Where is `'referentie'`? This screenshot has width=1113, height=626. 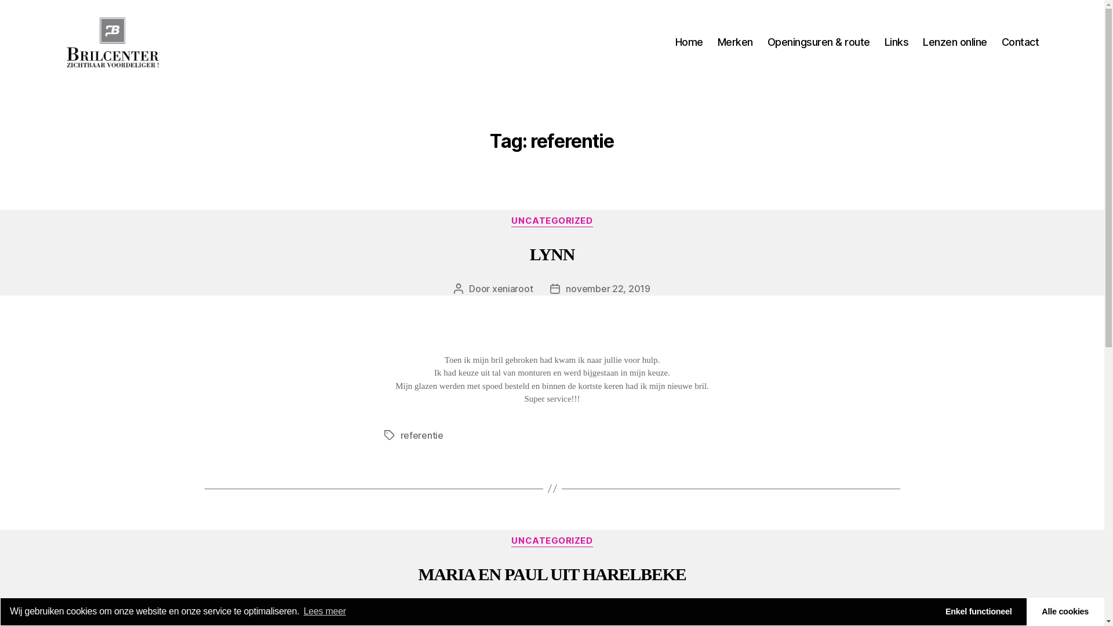 'referentie' is located at coordinates (420, 435).